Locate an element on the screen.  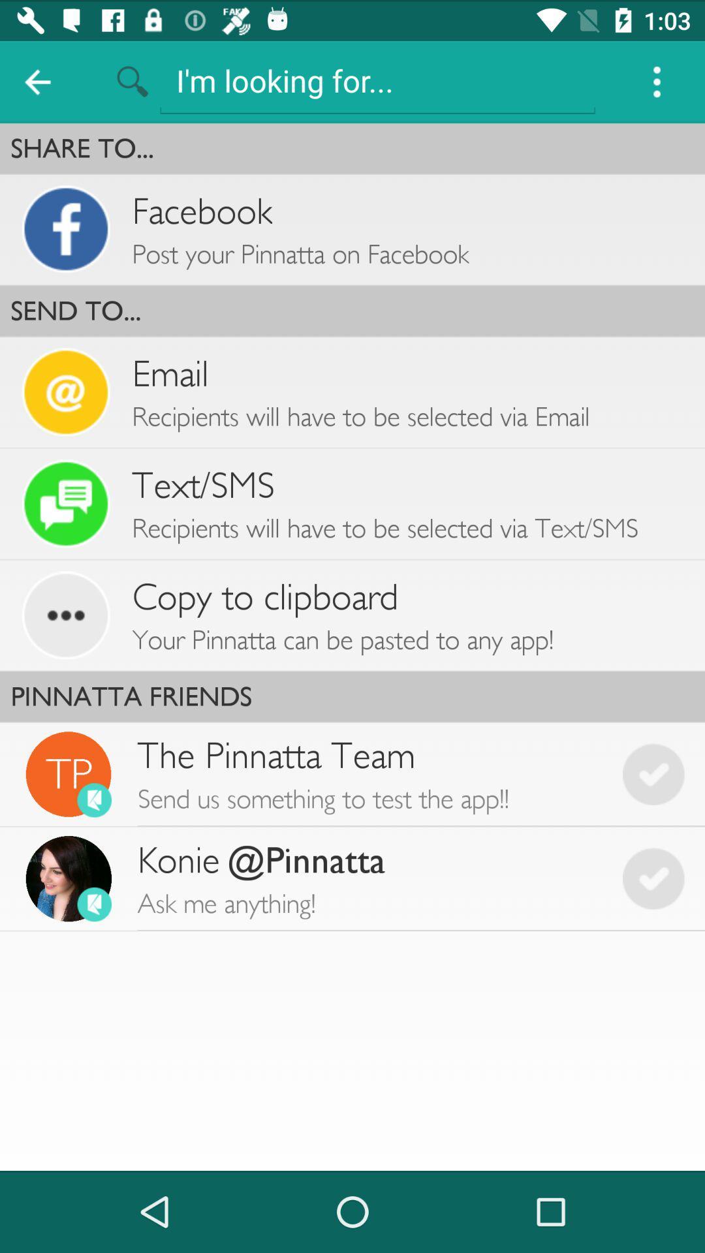
the item at the top right corner is located at coordinates (657, 81).